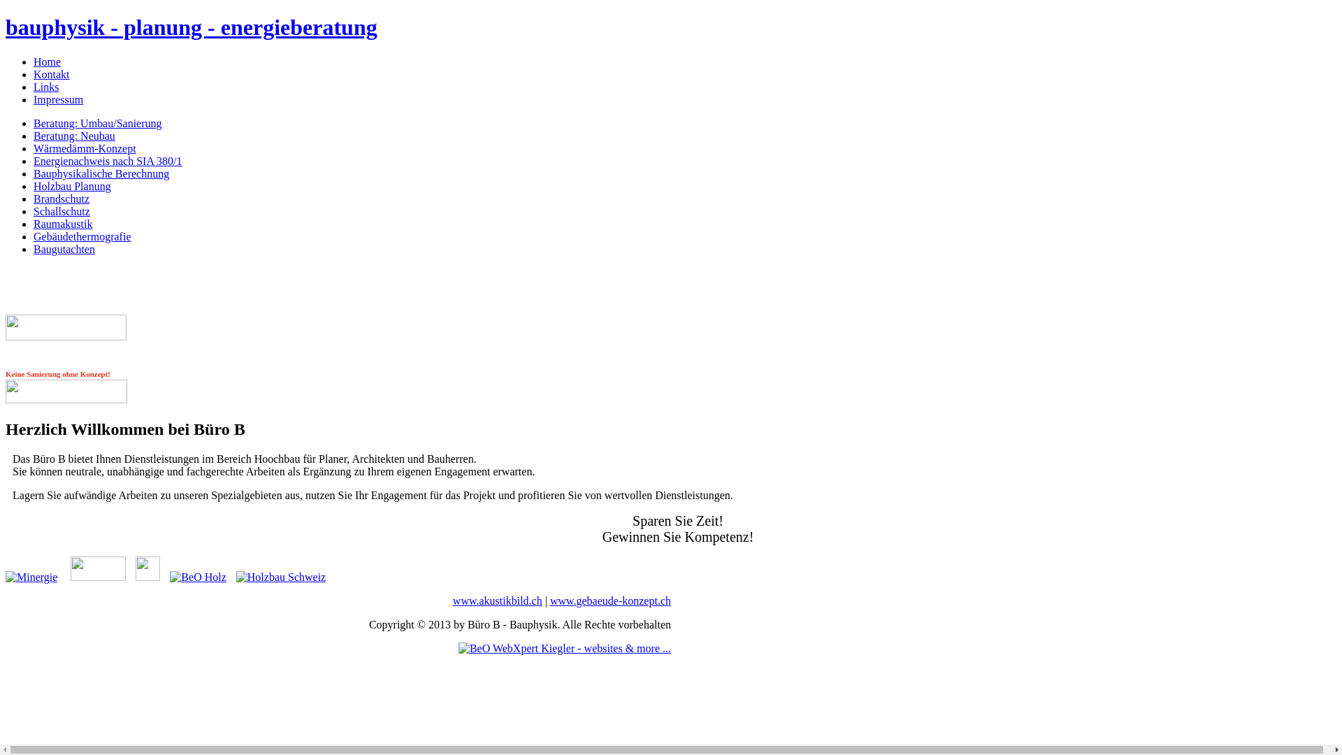  Describe the element at coordinates (46, 87) in the screenshot. I see `'Links'` at that location.